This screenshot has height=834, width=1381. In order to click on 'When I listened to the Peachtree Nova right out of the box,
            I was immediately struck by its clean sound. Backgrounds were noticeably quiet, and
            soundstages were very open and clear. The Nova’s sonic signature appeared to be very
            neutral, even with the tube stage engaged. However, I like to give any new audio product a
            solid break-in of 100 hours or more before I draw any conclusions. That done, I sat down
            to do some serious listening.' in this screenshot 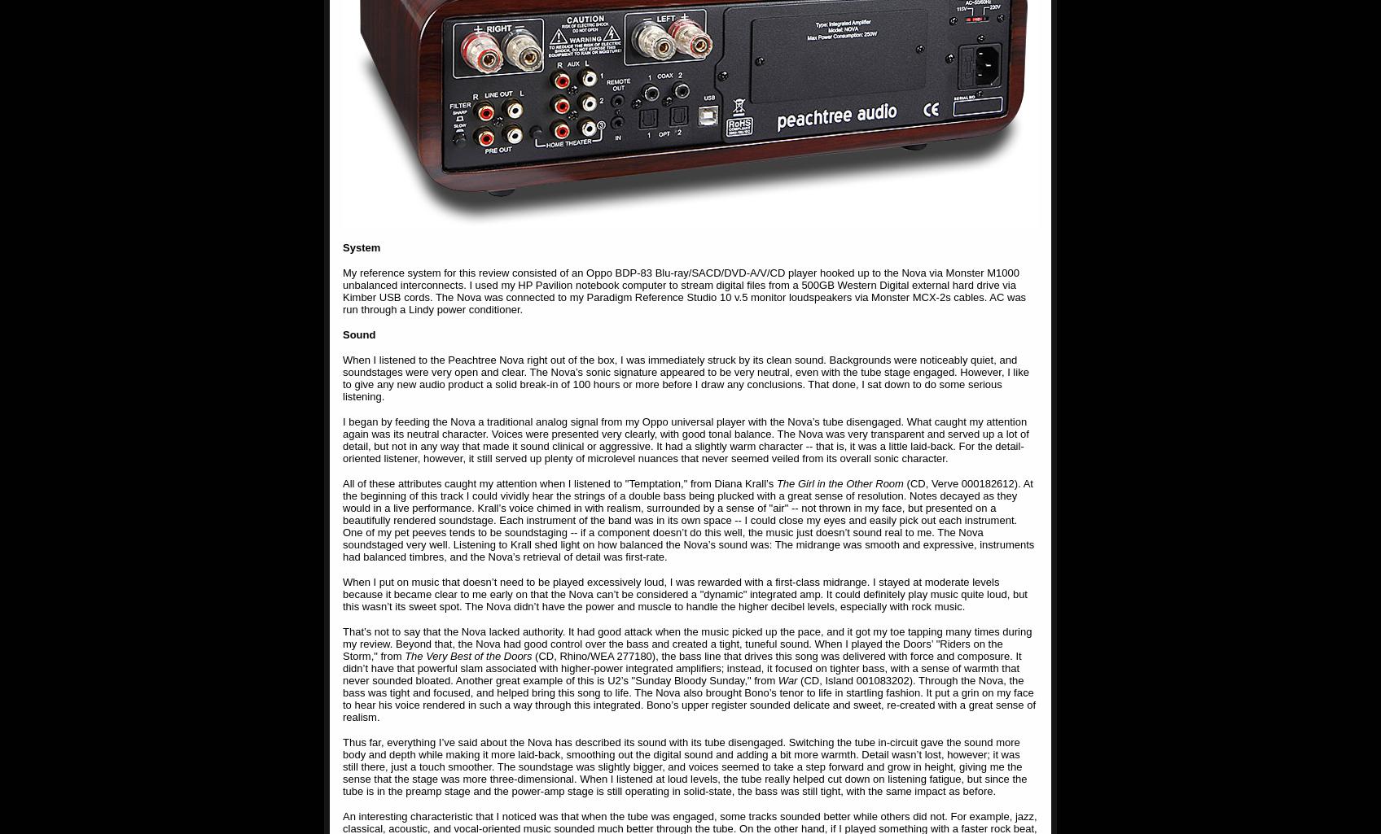, I will do `click(685, 378)`.